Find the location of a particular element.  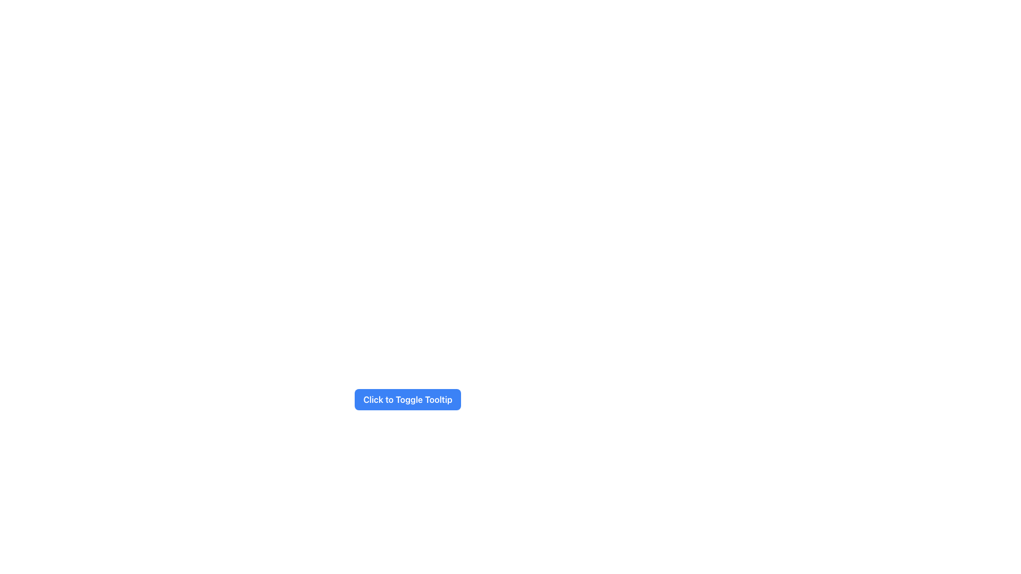

the interactive button designed to toggle the visibility of a tooltip feature for keyboard interaction is located at coordinates (407, 400).